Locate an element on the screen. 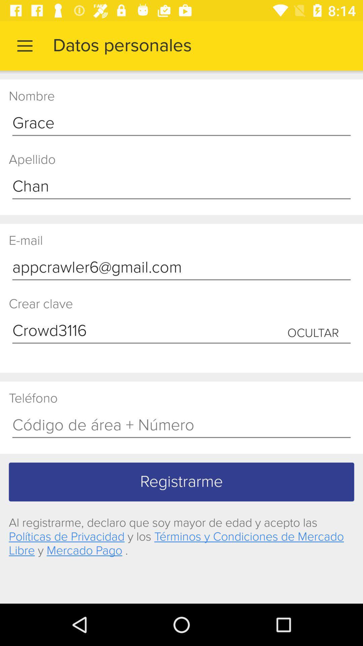 Image resolution: width=363 pixels, height=646 pixels. the item next to the datos personales item is located at coordinates (24, 45).